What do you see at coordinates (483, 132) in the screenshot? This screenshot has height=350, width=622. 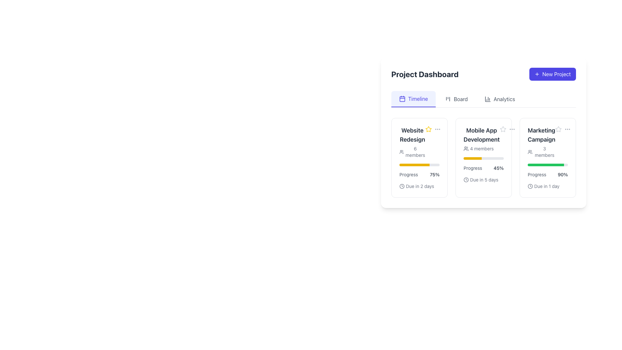 I see `the project dashboard interface` at bounding box center [483, 132].